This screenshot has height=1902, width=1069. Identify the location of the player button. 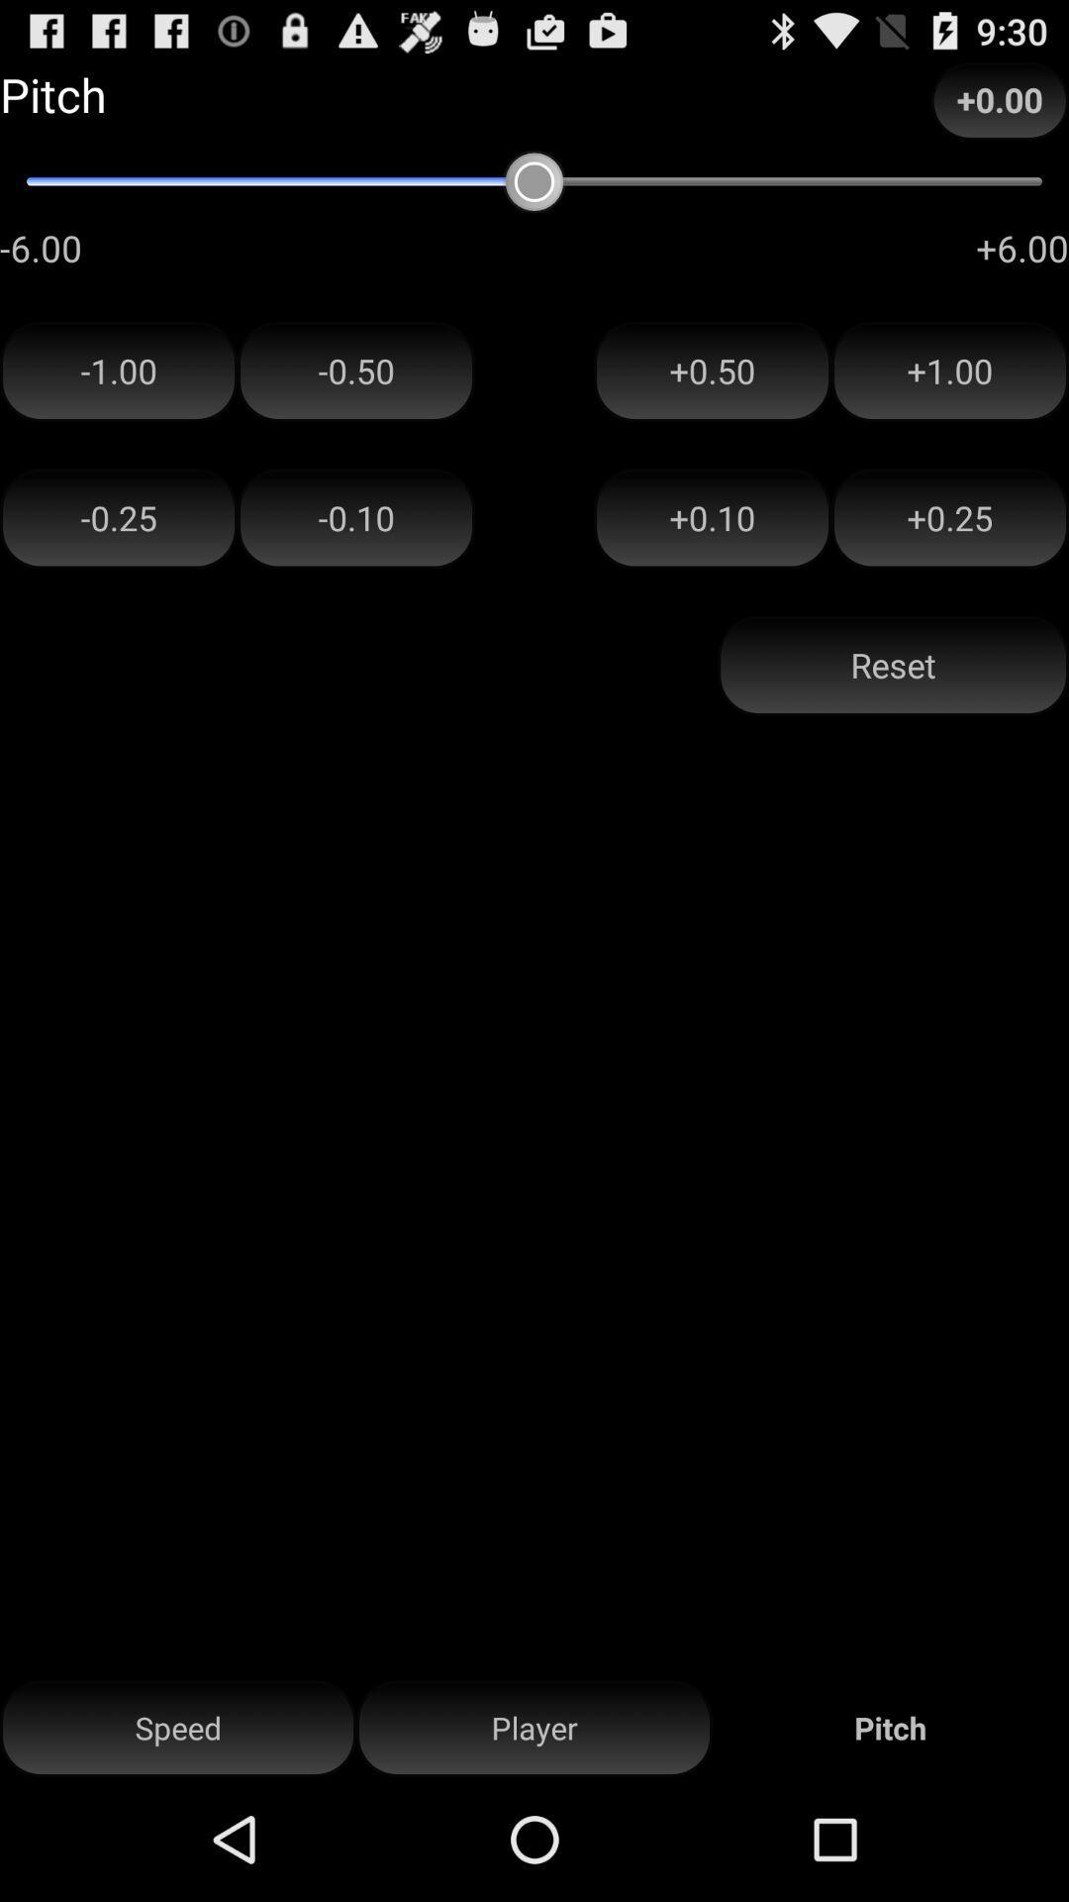
(534, 1728).